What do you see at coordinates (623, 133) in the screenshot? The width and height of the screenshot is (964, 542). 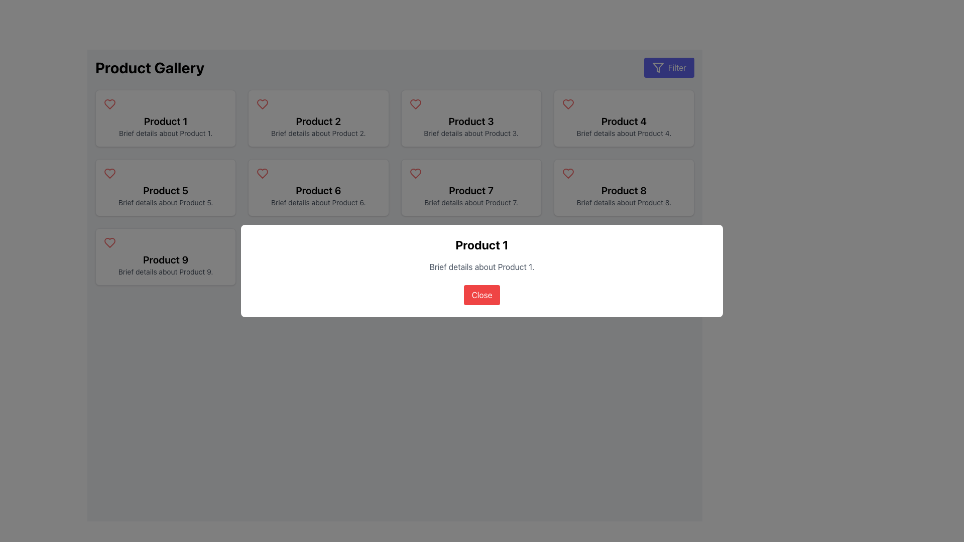 I see `the text label 'Brief details about Product 4.' located under the title 'Product 4' in the rightmost column of the first row in the gallery grid` at bounding box center [623, 133].